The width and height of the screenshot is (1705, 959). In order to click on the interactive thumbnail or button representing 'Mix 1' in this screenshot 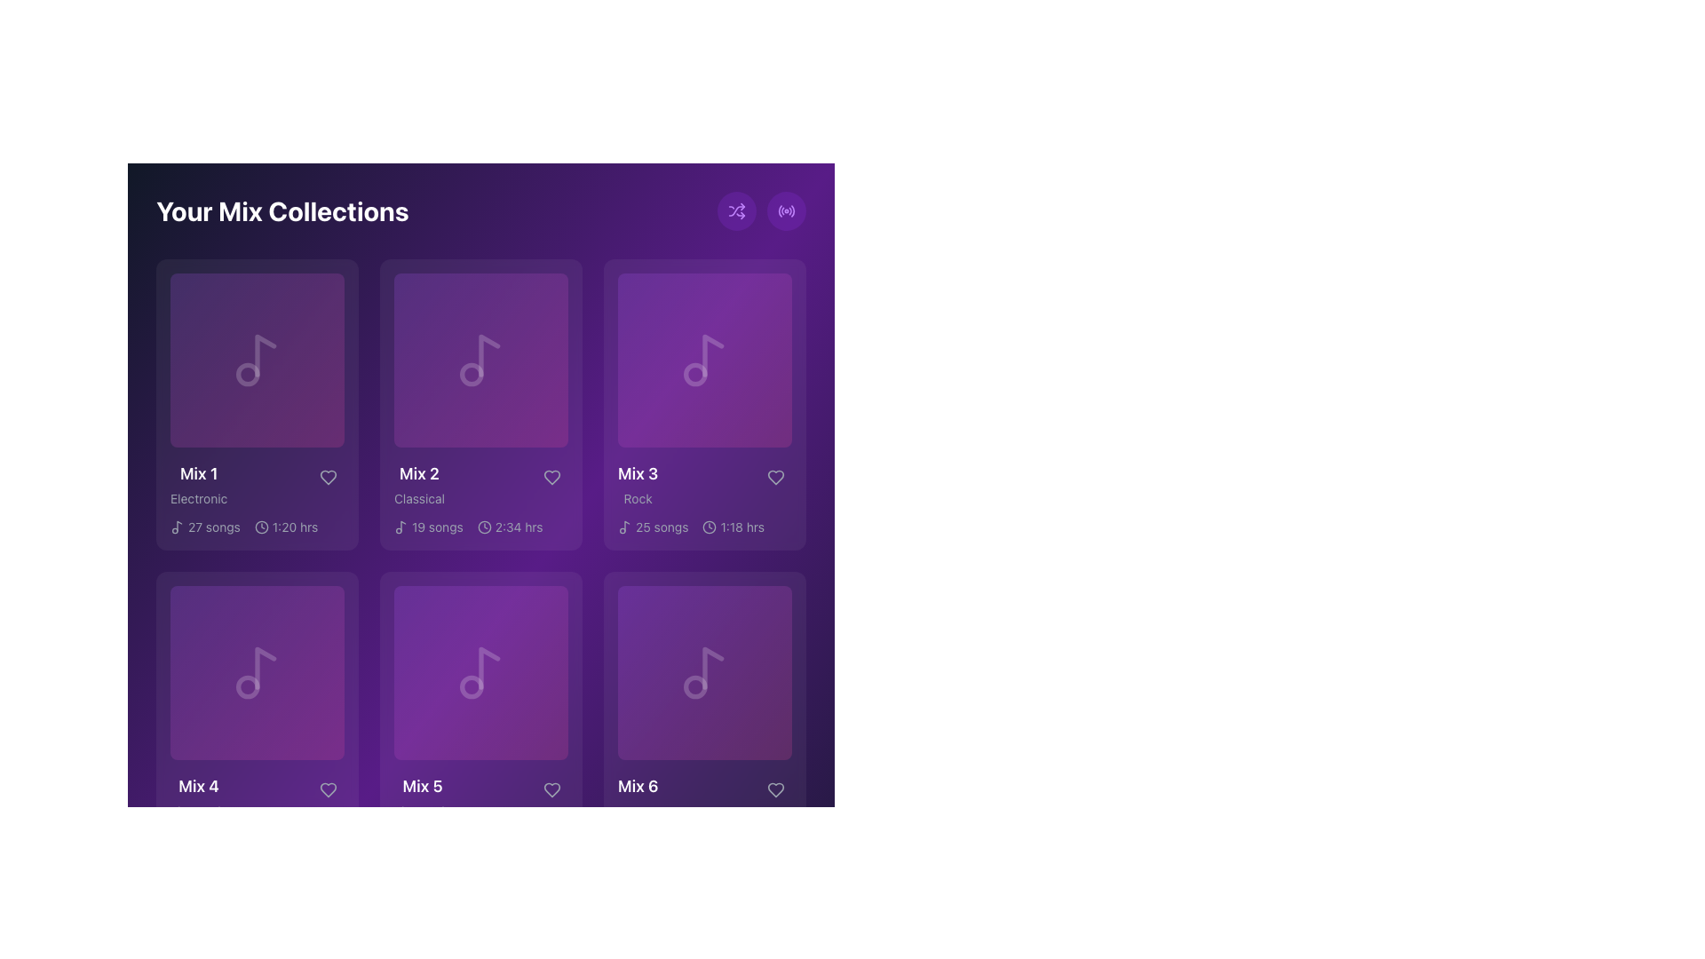, I will do `click(256, 360)`.